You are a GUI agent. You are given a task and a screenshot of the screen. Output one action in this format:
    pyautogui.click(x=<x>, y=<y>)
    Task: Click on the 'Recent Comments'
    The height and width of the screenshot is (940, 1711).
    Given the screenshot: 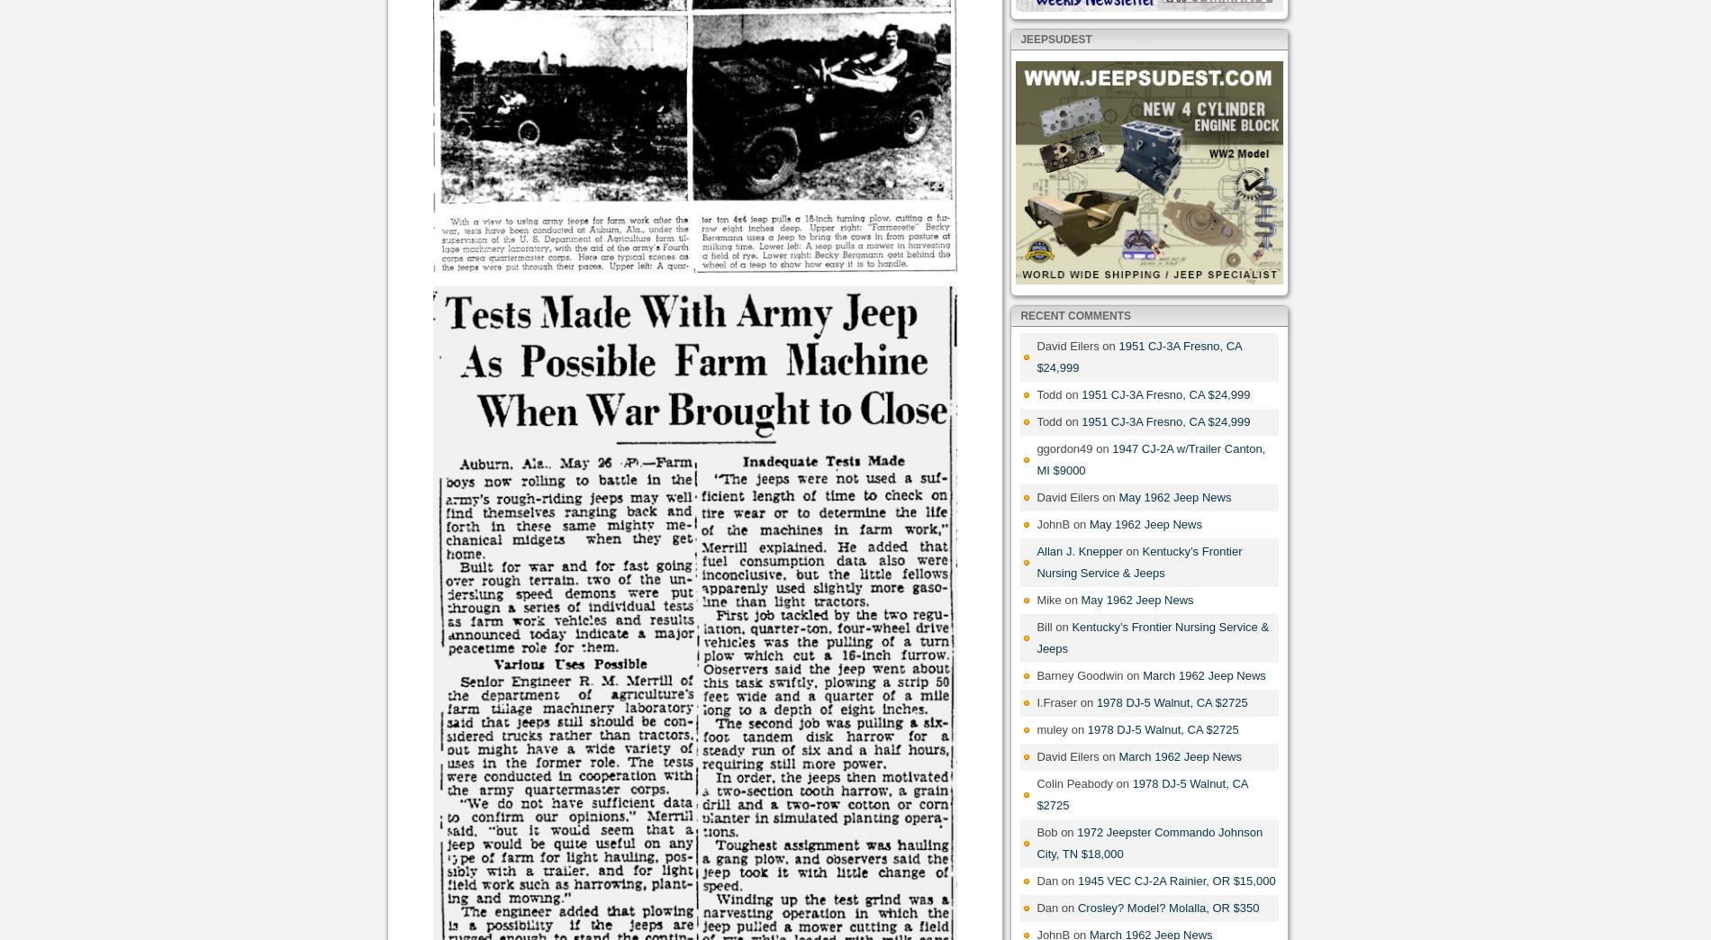 What is the action you would take?
    pyautogui.click(x=1074, y=314)
    